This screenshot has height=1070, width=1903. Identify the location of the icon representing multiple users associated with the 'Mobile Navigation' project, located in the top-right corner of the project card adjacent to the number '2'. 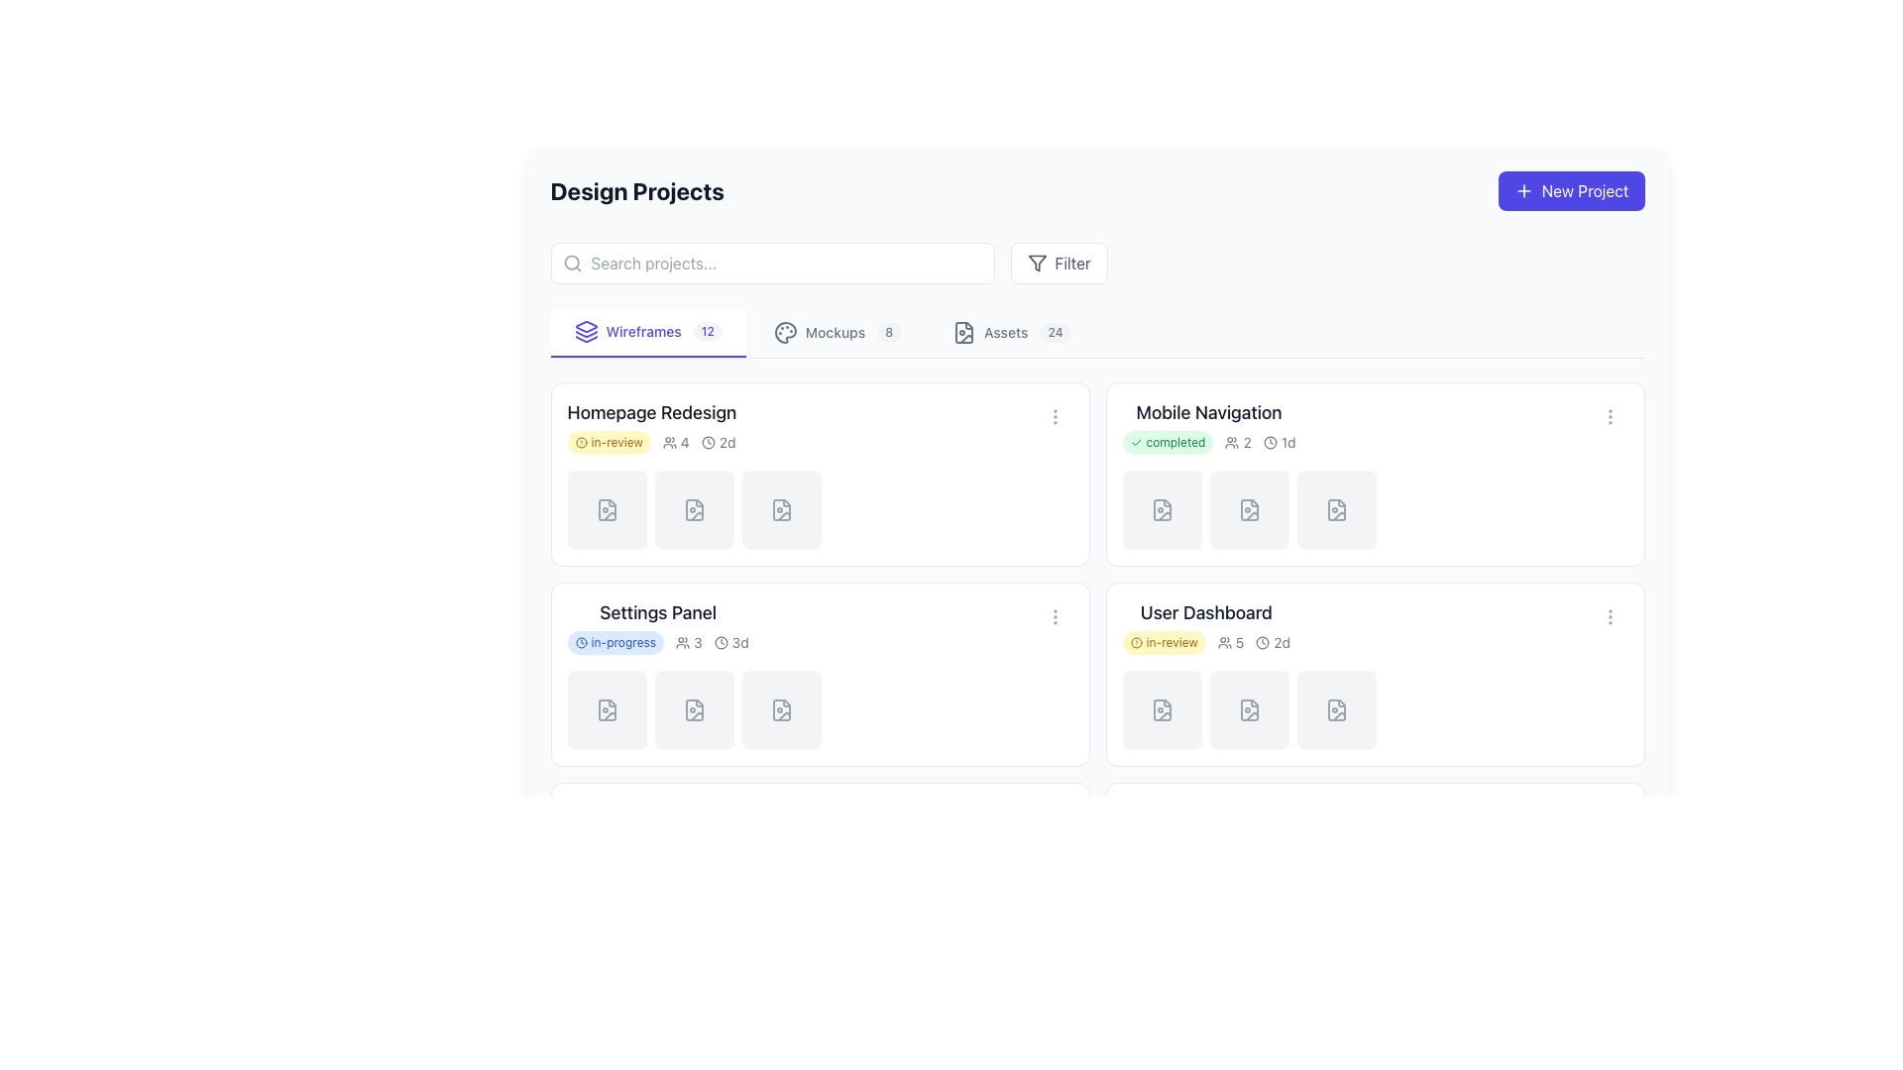
(1231, 442).